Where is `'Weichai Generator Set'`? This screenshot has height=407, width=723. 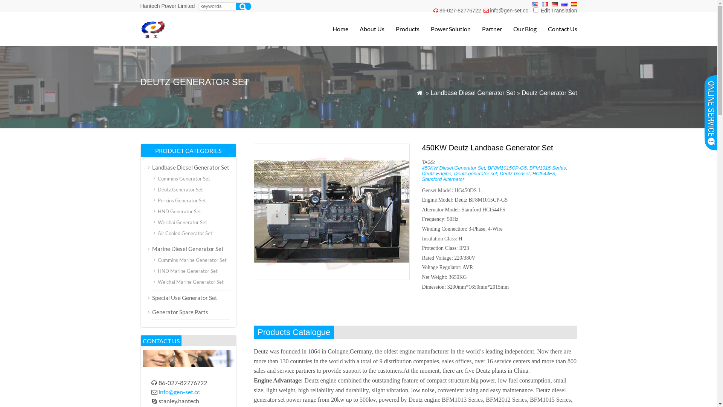
'Weichai Generator Set' is located at coordinates (182, 222).